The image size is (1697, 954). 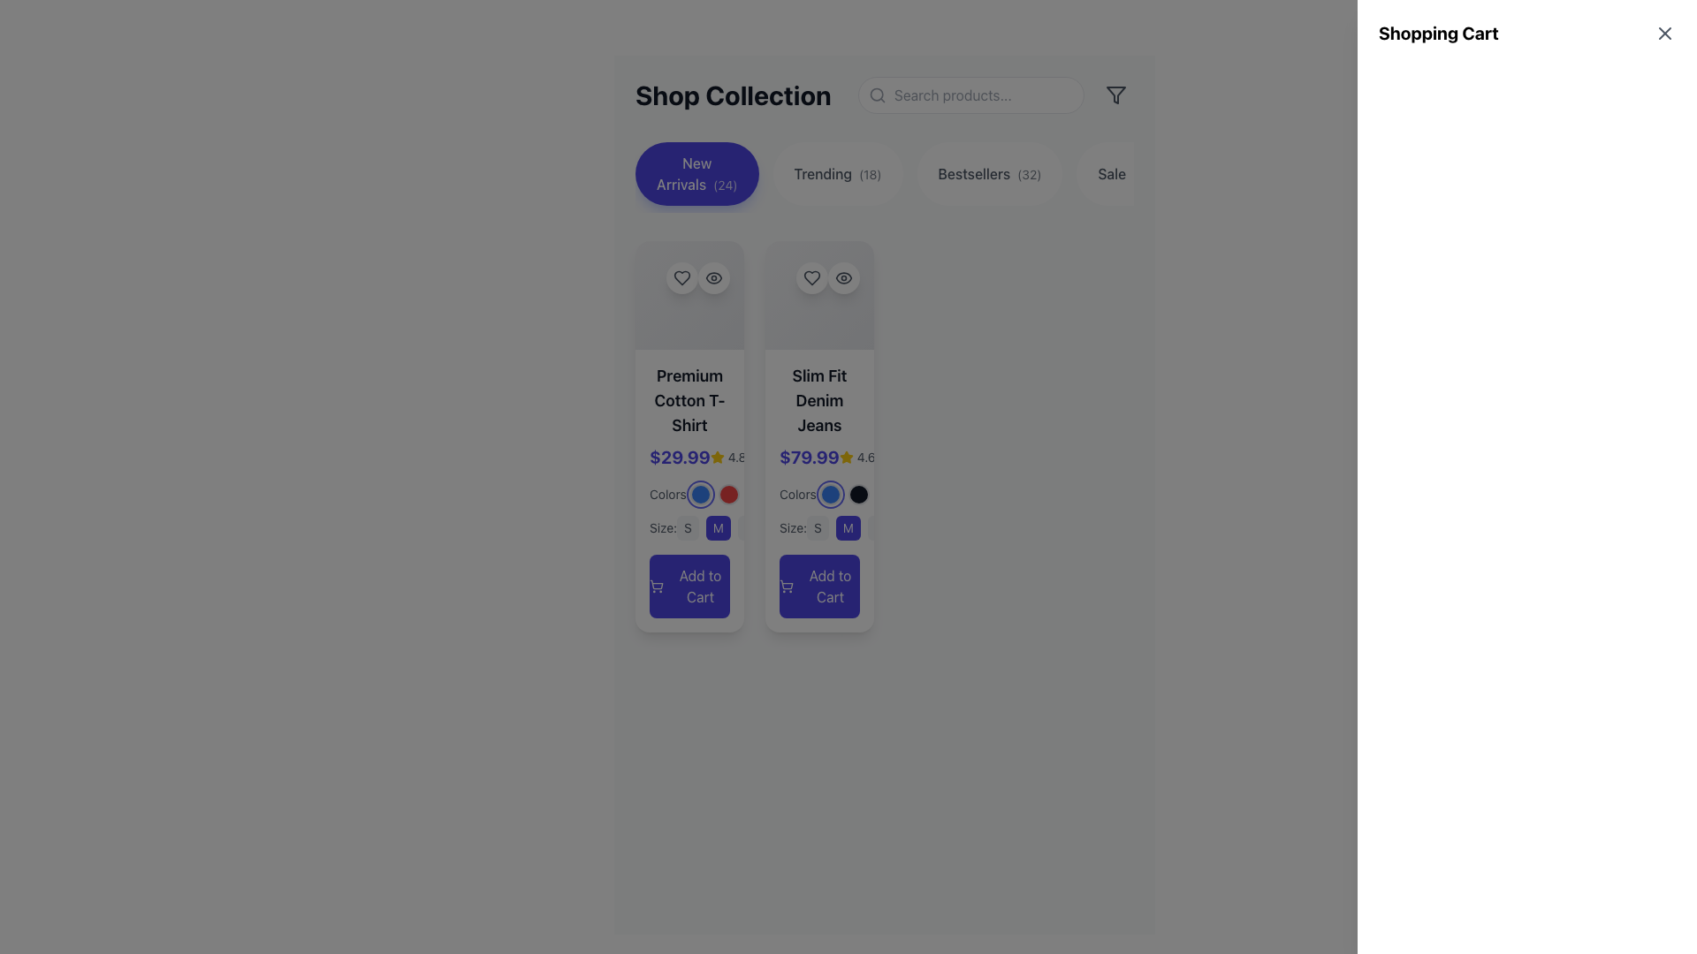 I want to click on the circular button with an outlined heart icon at the top-right corner of the 'Slim Fit Denim Jeans' card to favorite or like the item, so click(x=810, y=278).